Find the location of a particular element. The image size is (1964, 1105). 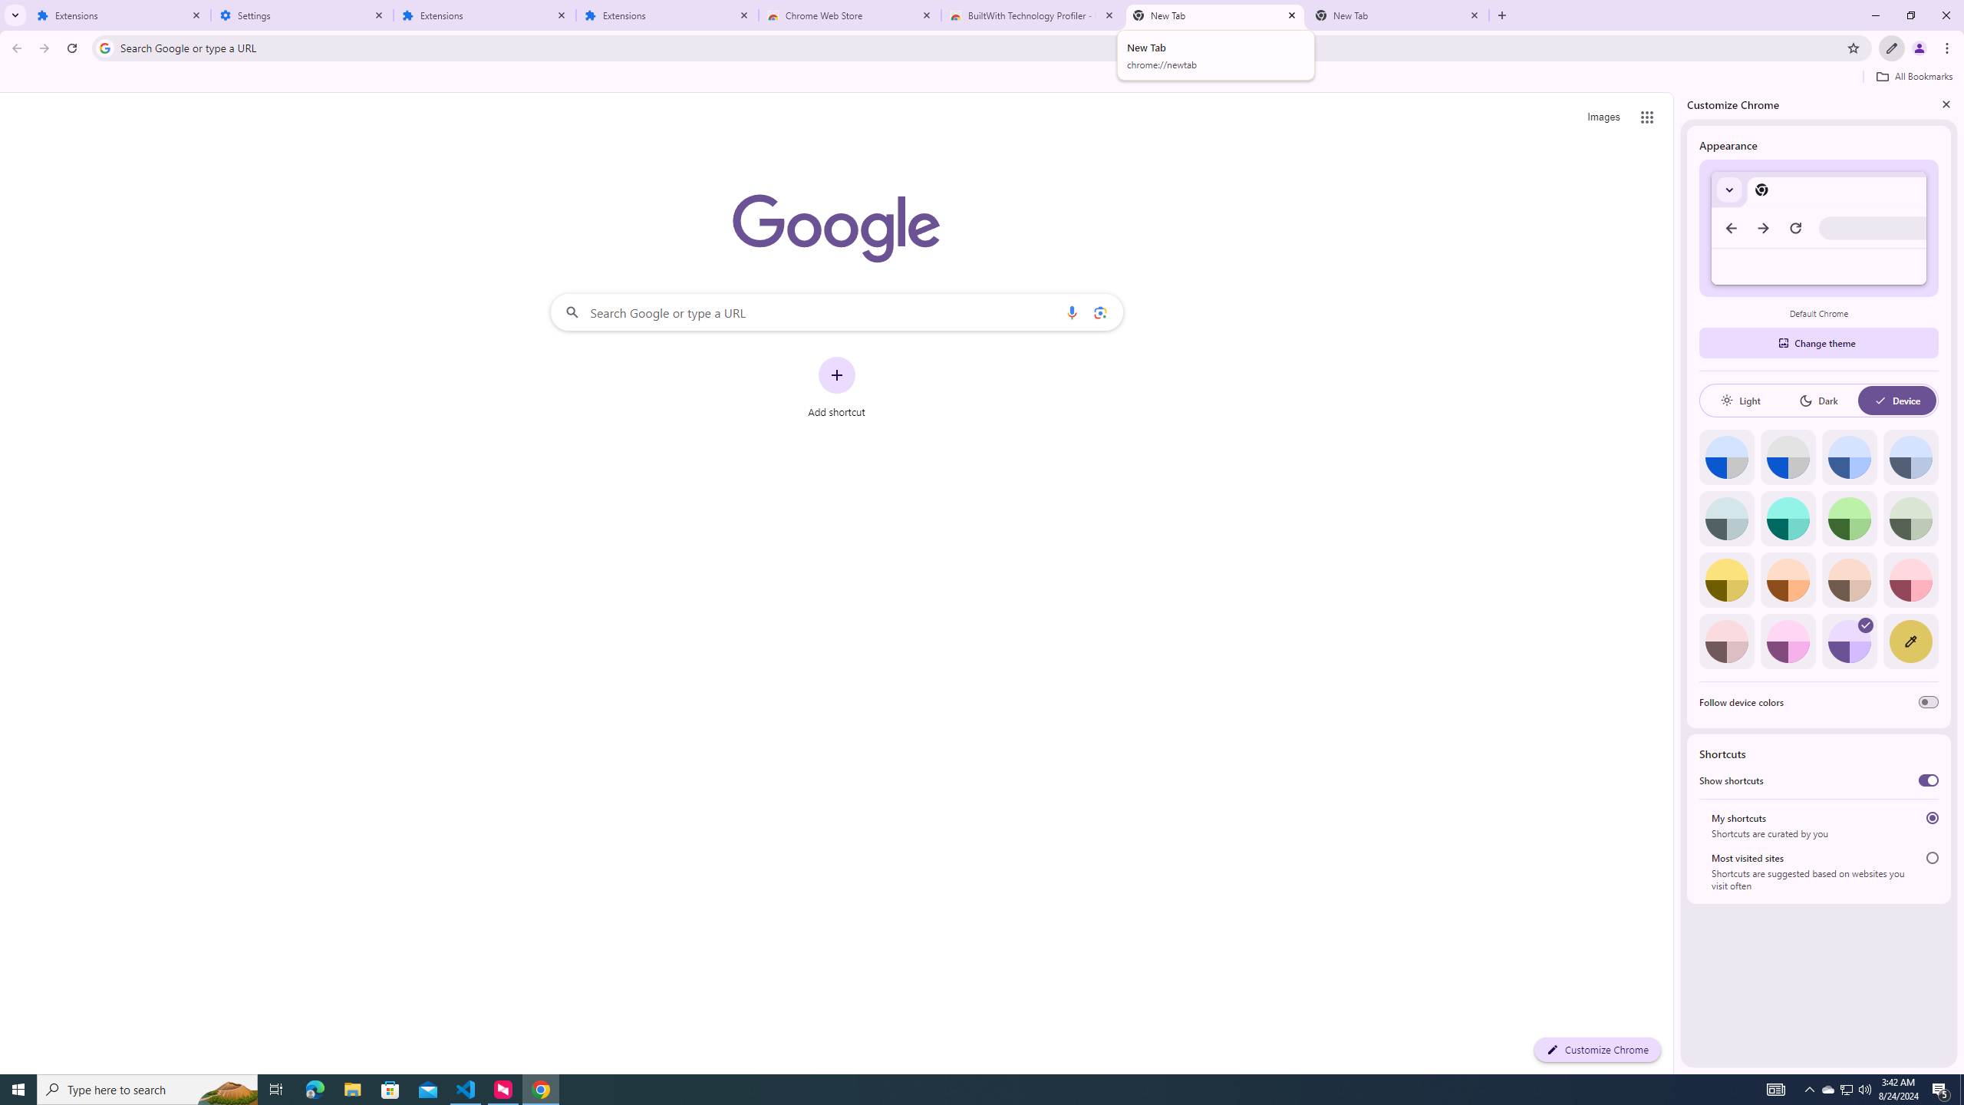

'Blue' is located at coordinates (1849, 457).